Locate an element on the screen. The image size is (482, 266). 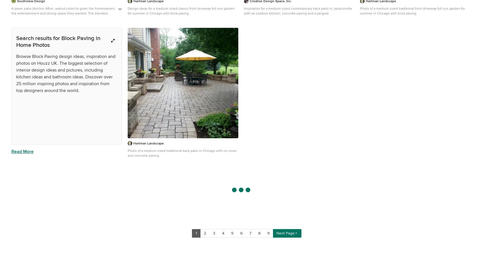
'Hartman Landscape' is located at coordinates (148, 143).